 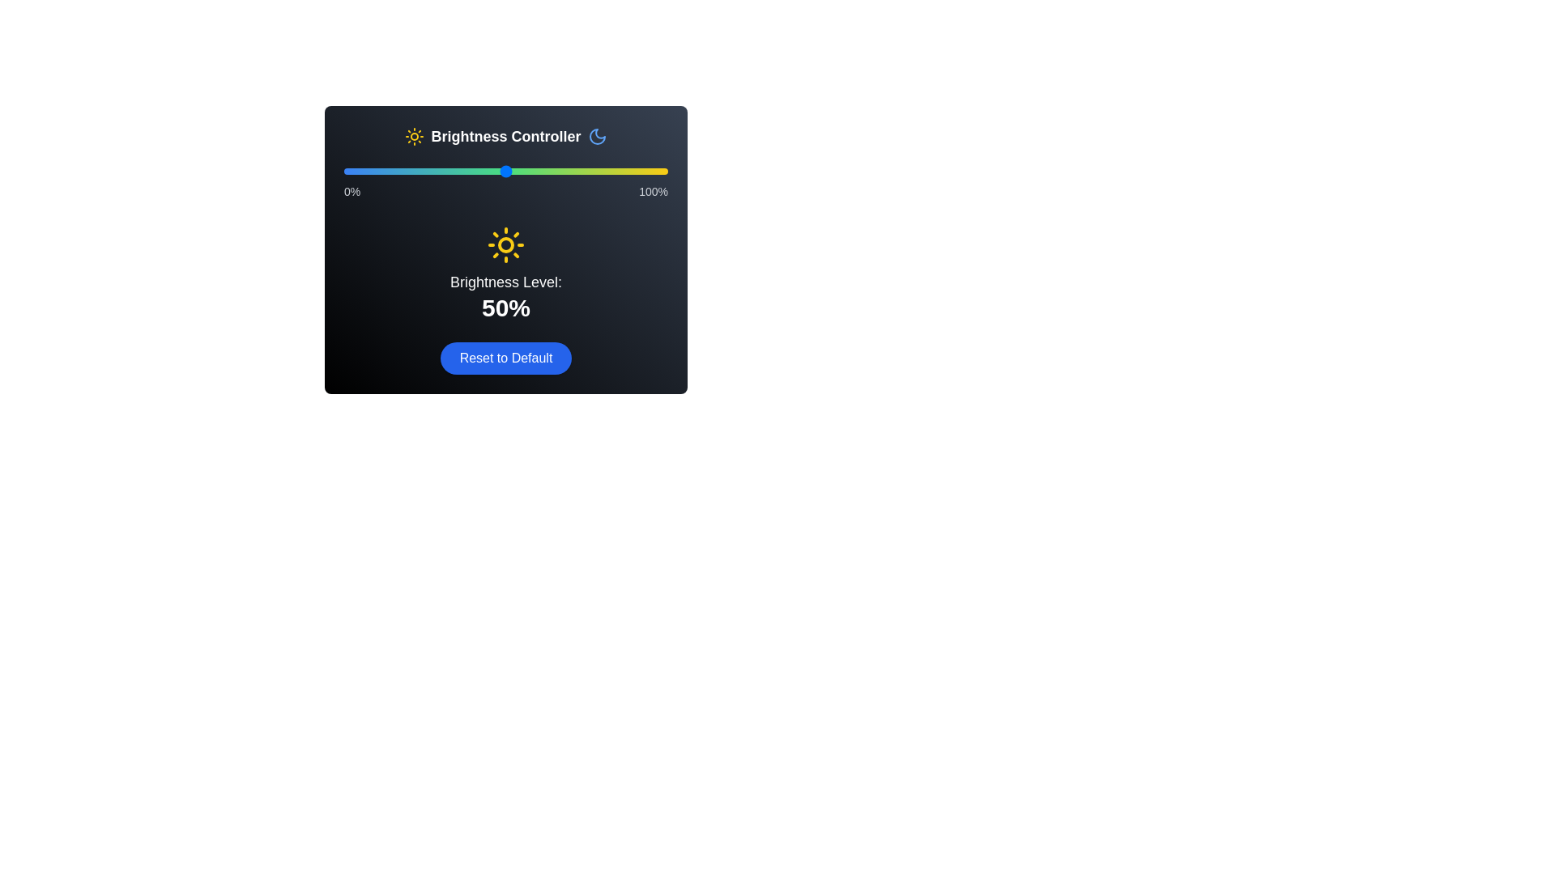 I want to click on the sun icon to explore its effect, so click(x=415, y=136).